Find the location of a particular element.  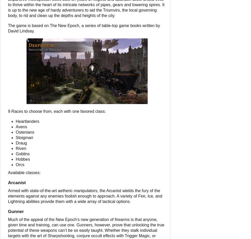

'Available classes:' is located at coordinates (24, 173).